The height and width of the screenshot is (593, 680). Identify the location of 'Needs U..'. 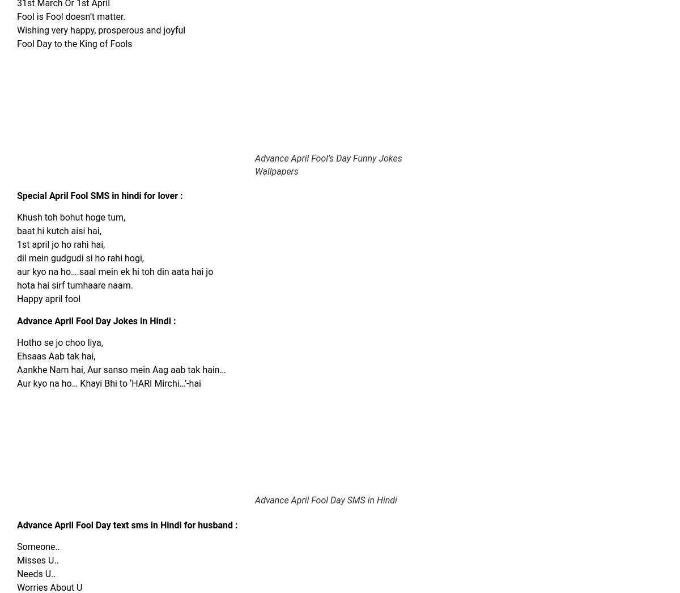
(36, 574).